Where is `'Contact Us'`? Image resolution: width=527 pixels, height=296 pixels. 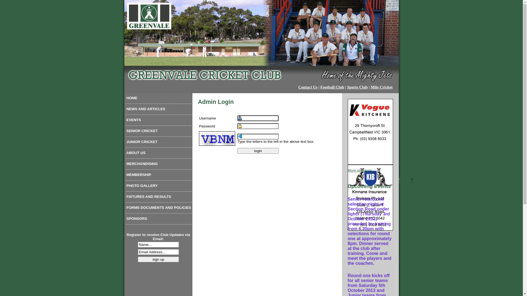 'Contact Us' is located at coordinates (308, 87).